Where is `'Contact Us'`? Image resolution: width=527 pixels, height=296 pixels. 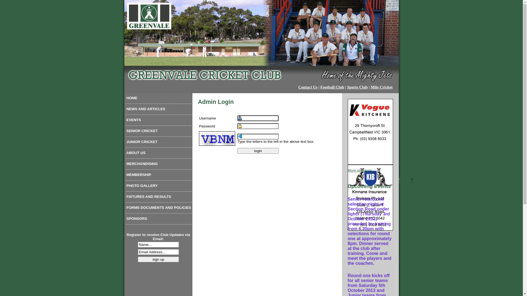 'Contact Us' is located at coordinates (308, 87).